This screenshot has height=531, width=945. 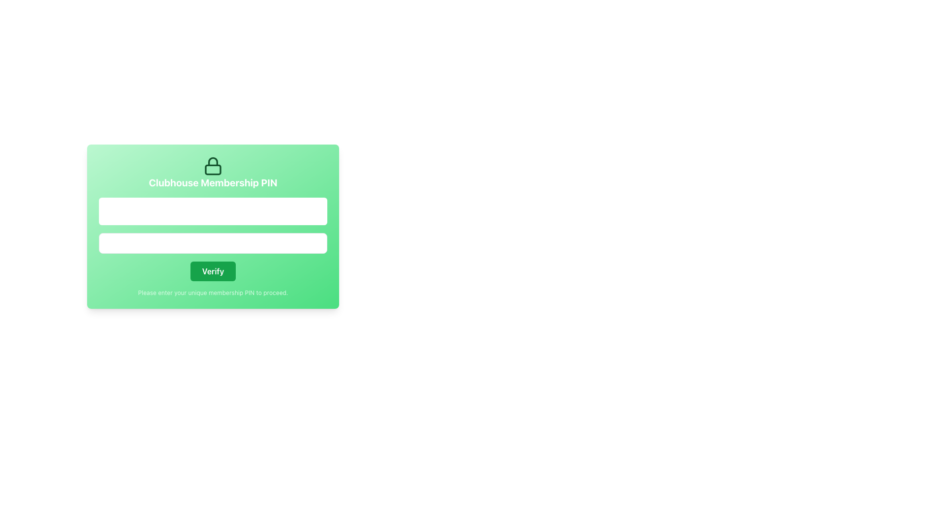 I want to click on the 'Verify' button located centrally below the password input field, so click(x=212, y=271).